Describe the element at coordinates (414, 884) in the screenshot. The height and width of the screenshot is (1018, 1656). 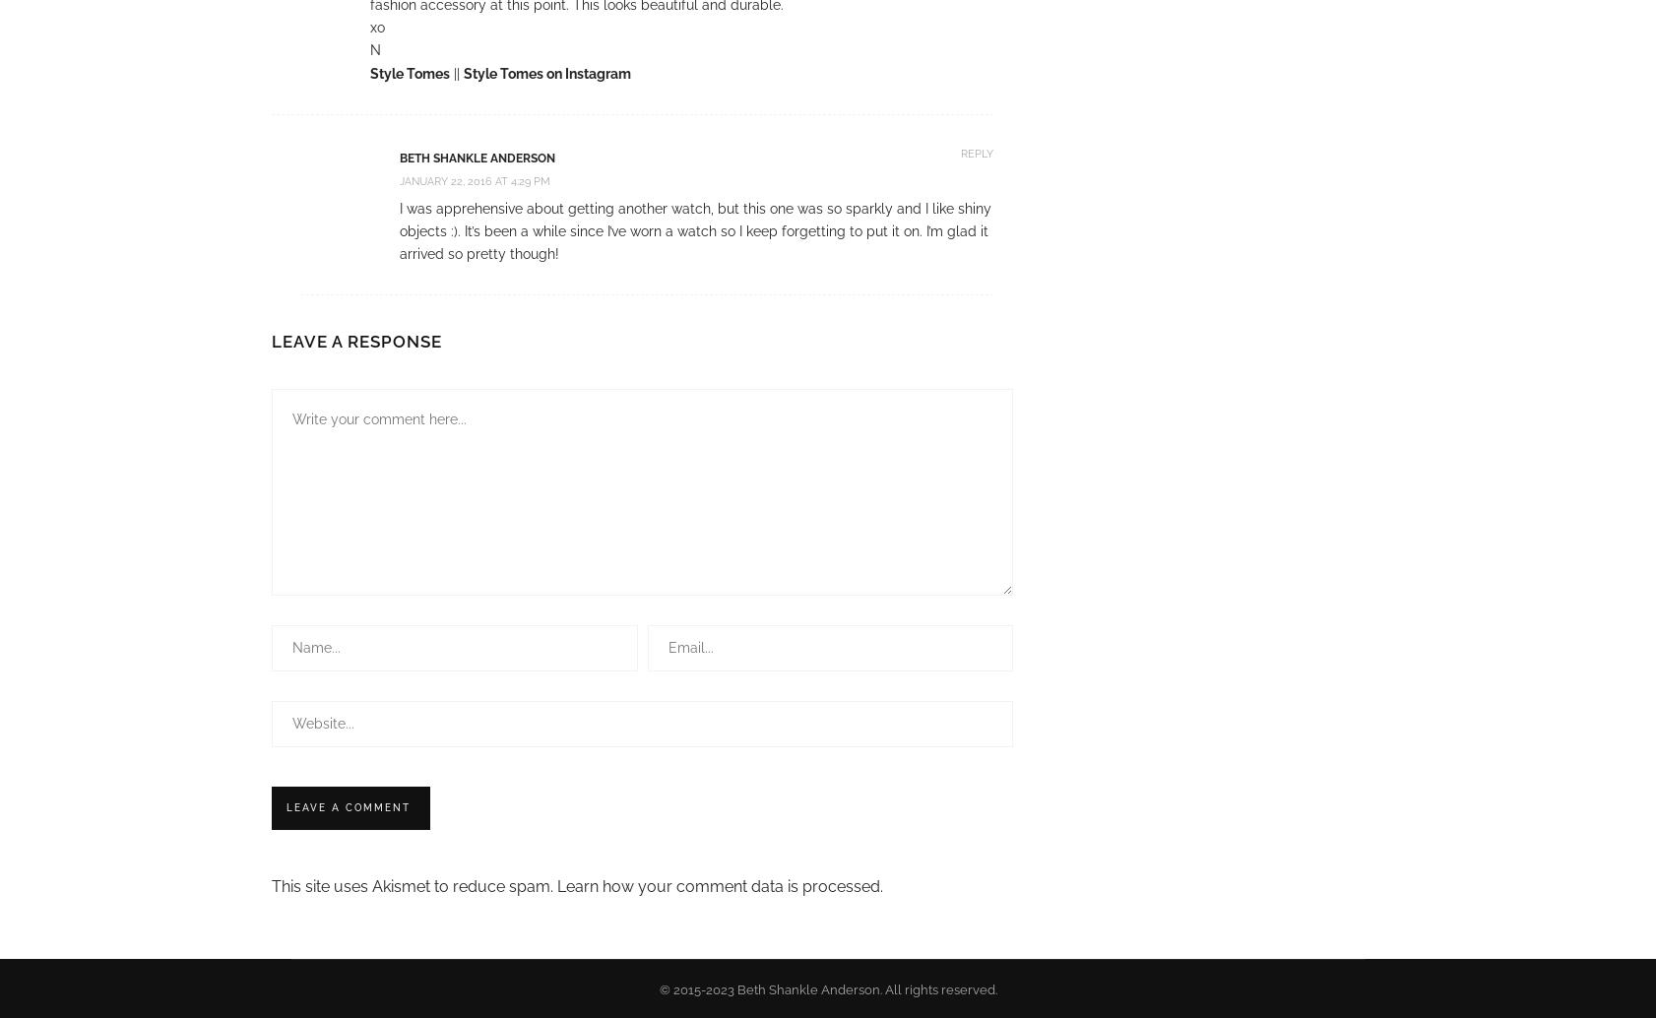
I see `'This site uses Akismet to reduce spam.'` at that location.